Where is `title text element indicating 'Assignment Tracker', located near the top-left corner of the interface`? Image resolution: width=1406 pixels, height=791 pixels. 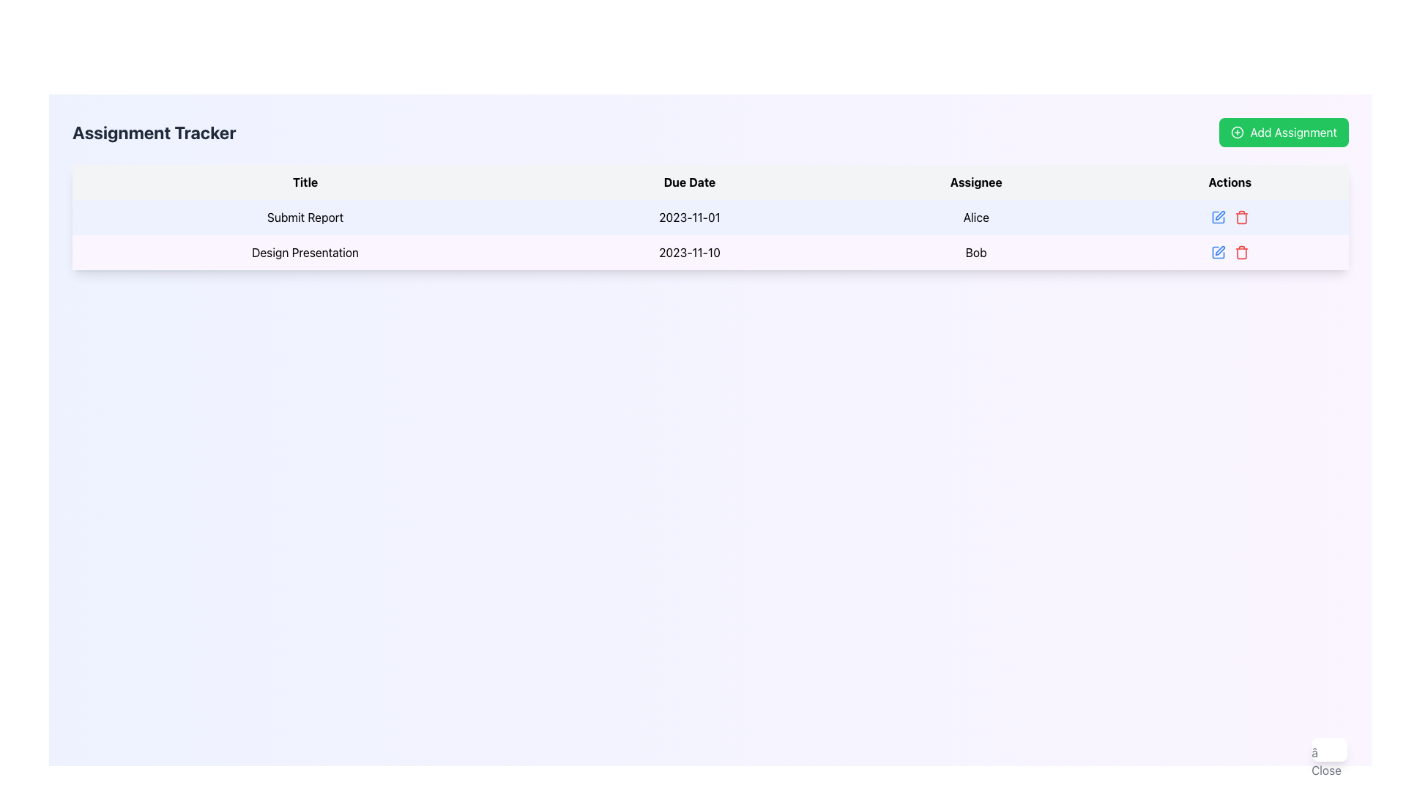 title text element indicating 'Assignment Tracker', located near the top-left corner of the interface is located at coordinates (154, 133).